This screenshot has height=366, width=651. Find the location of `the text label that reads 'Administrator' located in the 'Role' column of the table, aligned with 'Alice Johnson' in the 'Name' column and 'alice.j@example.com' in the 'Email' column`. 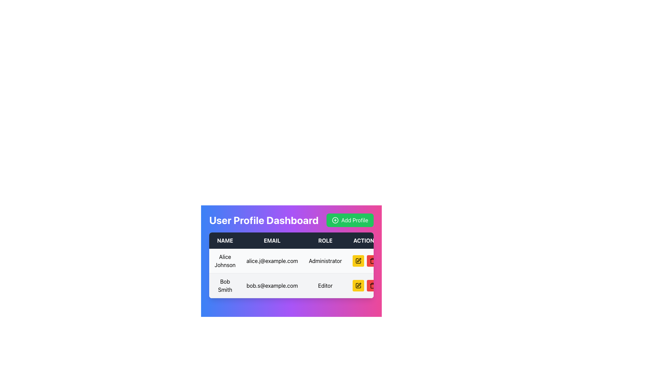

the text label that reads 'Administrator' located in the 'Role' column of the table, aligned with 'Alice Johnson' in the 'Name' column and 'alice.j@example.com' in the 'Email' column is located at coordinates (325, 261).